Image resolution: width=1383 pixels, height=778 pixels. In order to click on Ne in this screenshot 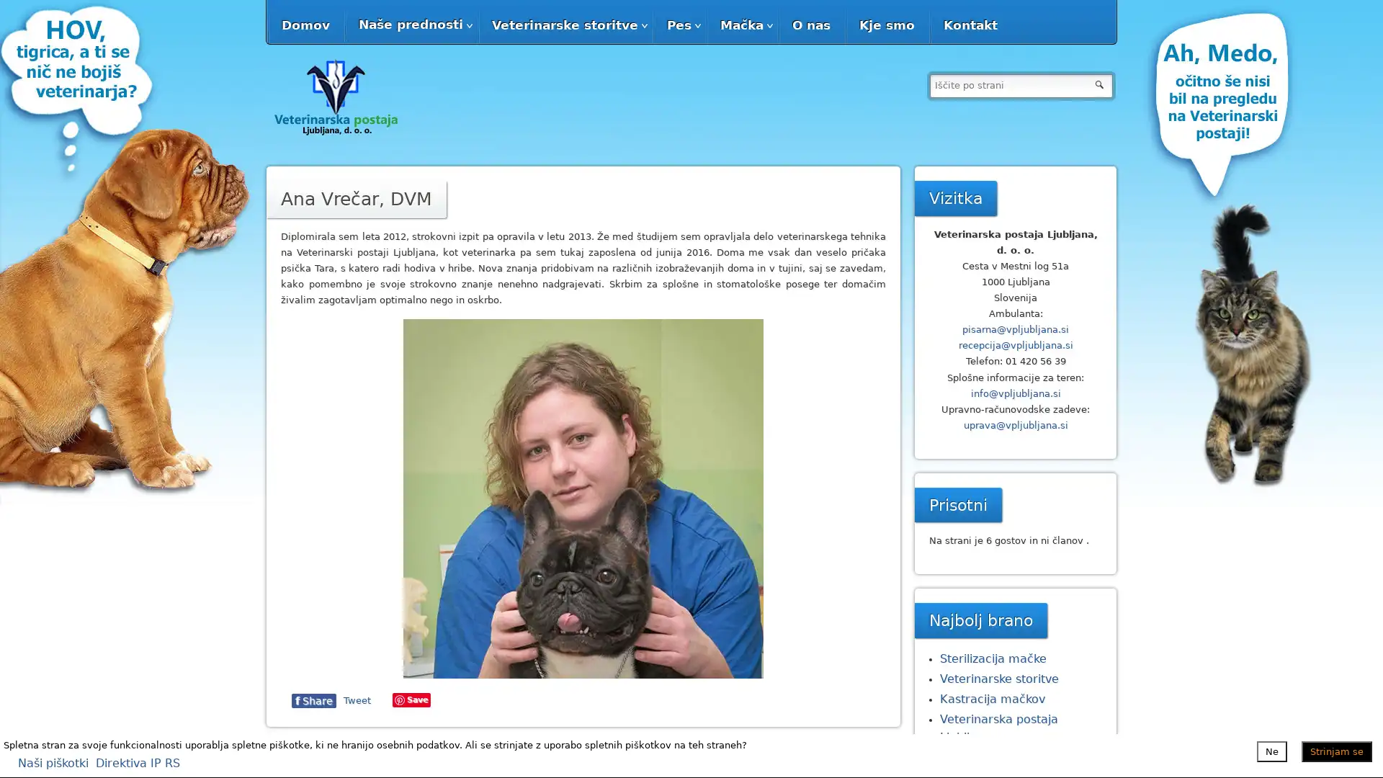, I will do `click(1272, 750)`.